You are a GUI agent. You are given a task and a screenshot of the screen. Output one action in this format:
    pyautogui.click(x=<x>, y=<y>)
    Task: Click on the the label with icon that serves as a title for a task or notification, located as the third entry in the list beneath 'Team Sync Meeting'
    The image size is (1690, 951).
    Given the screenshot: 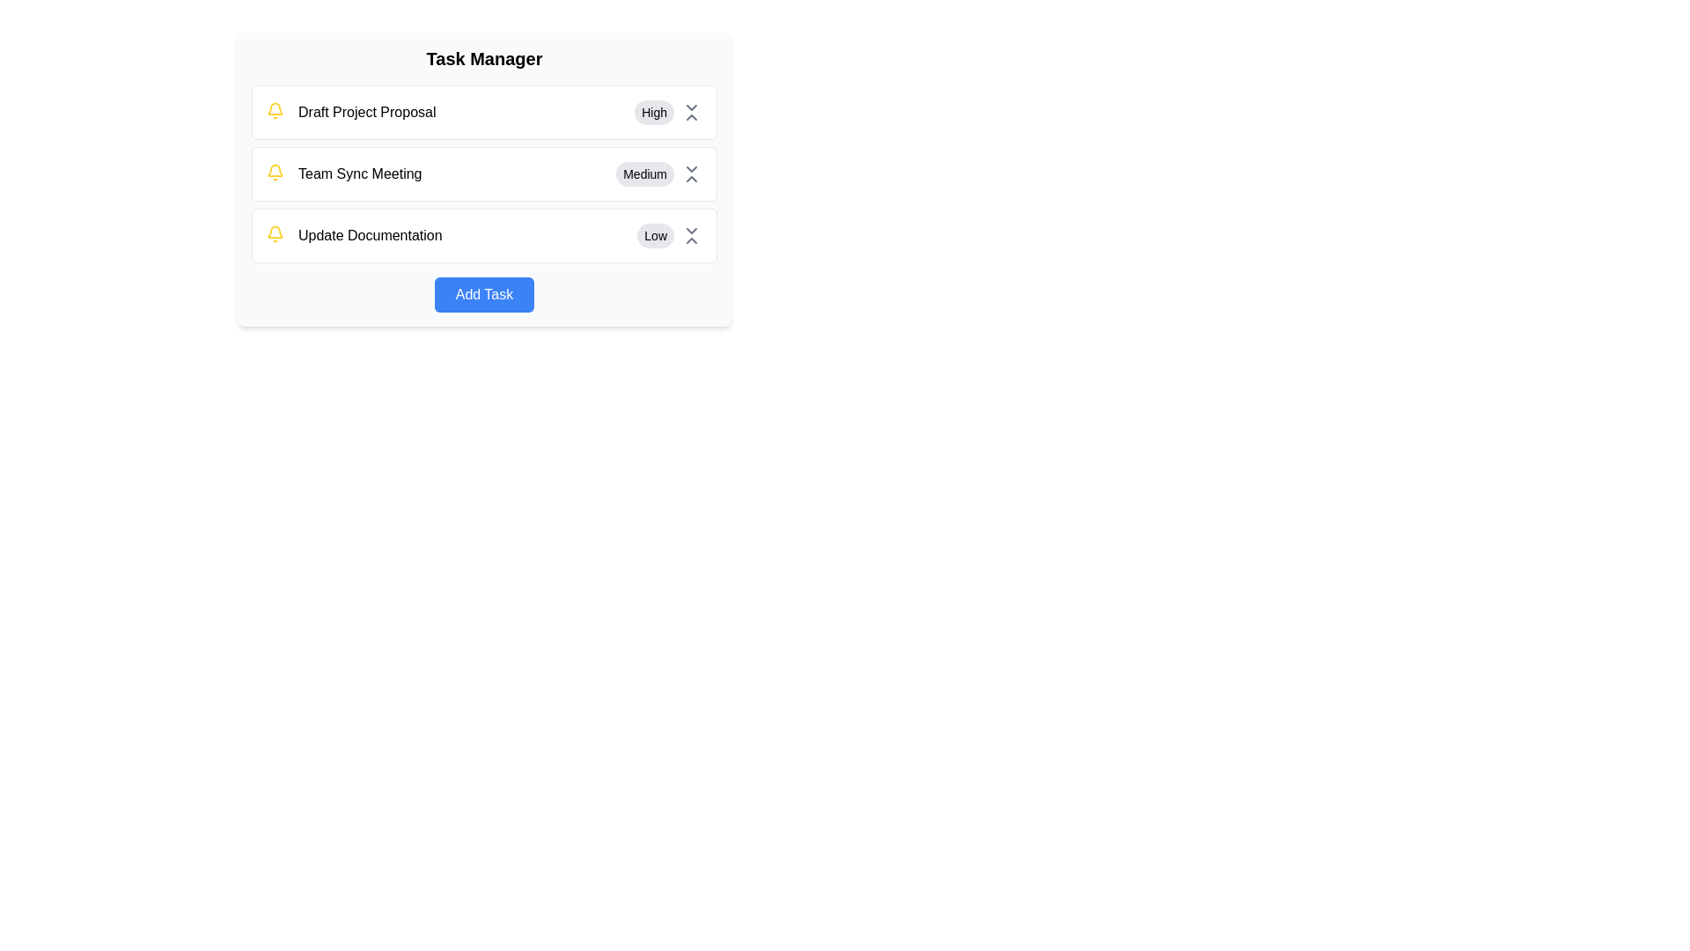 What is the action you would take?
    pyautogui.click(x=353, y=234)
    